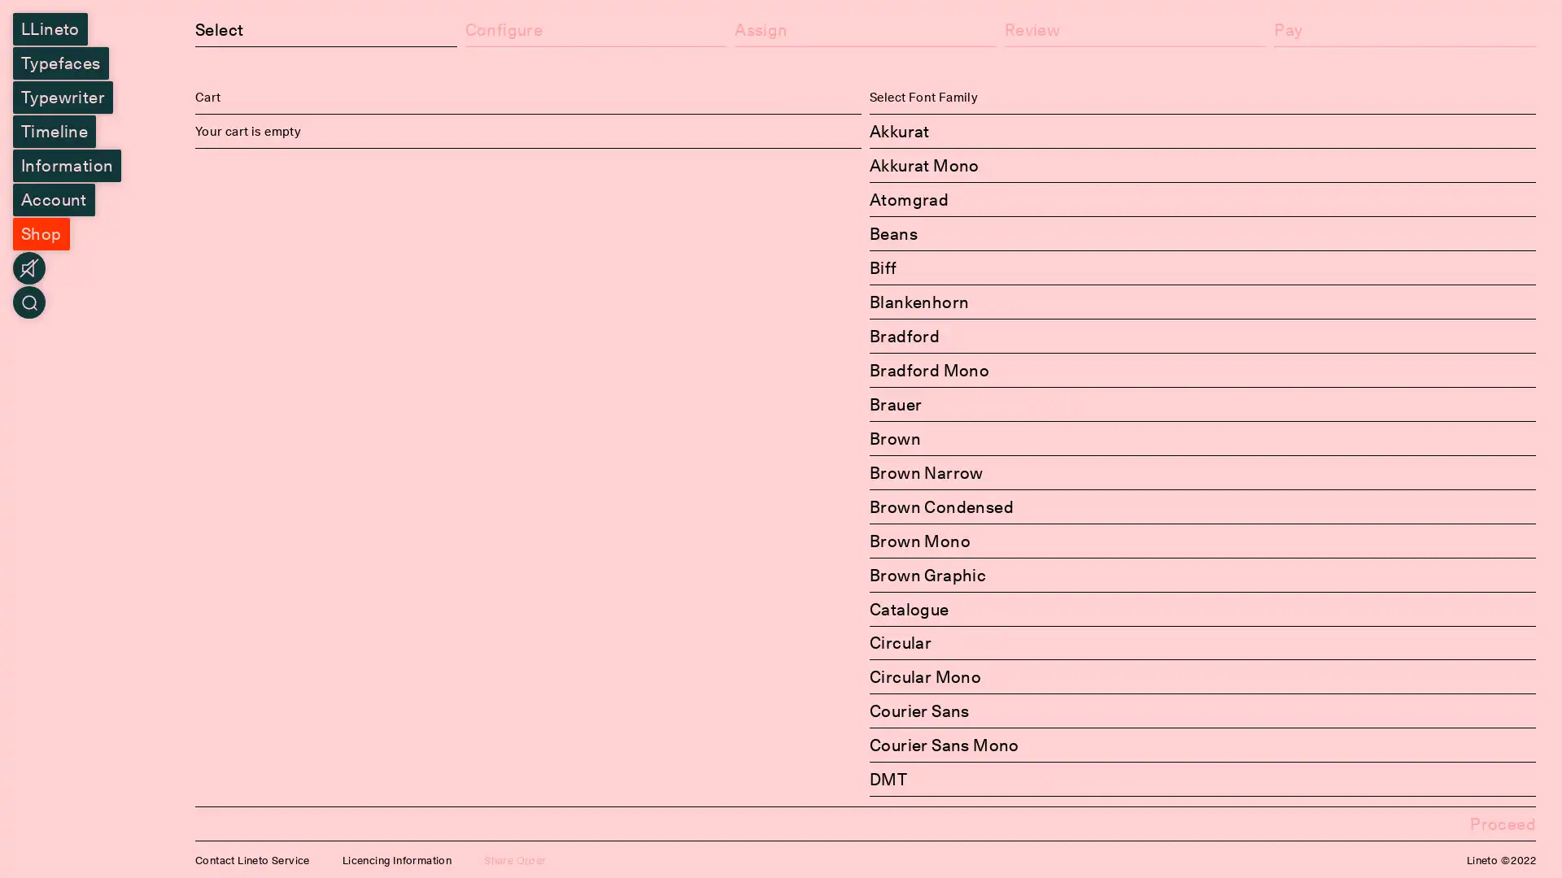  Describe the element at coordinates (864, 30) in the screenshot. I see `Assign` at that location.